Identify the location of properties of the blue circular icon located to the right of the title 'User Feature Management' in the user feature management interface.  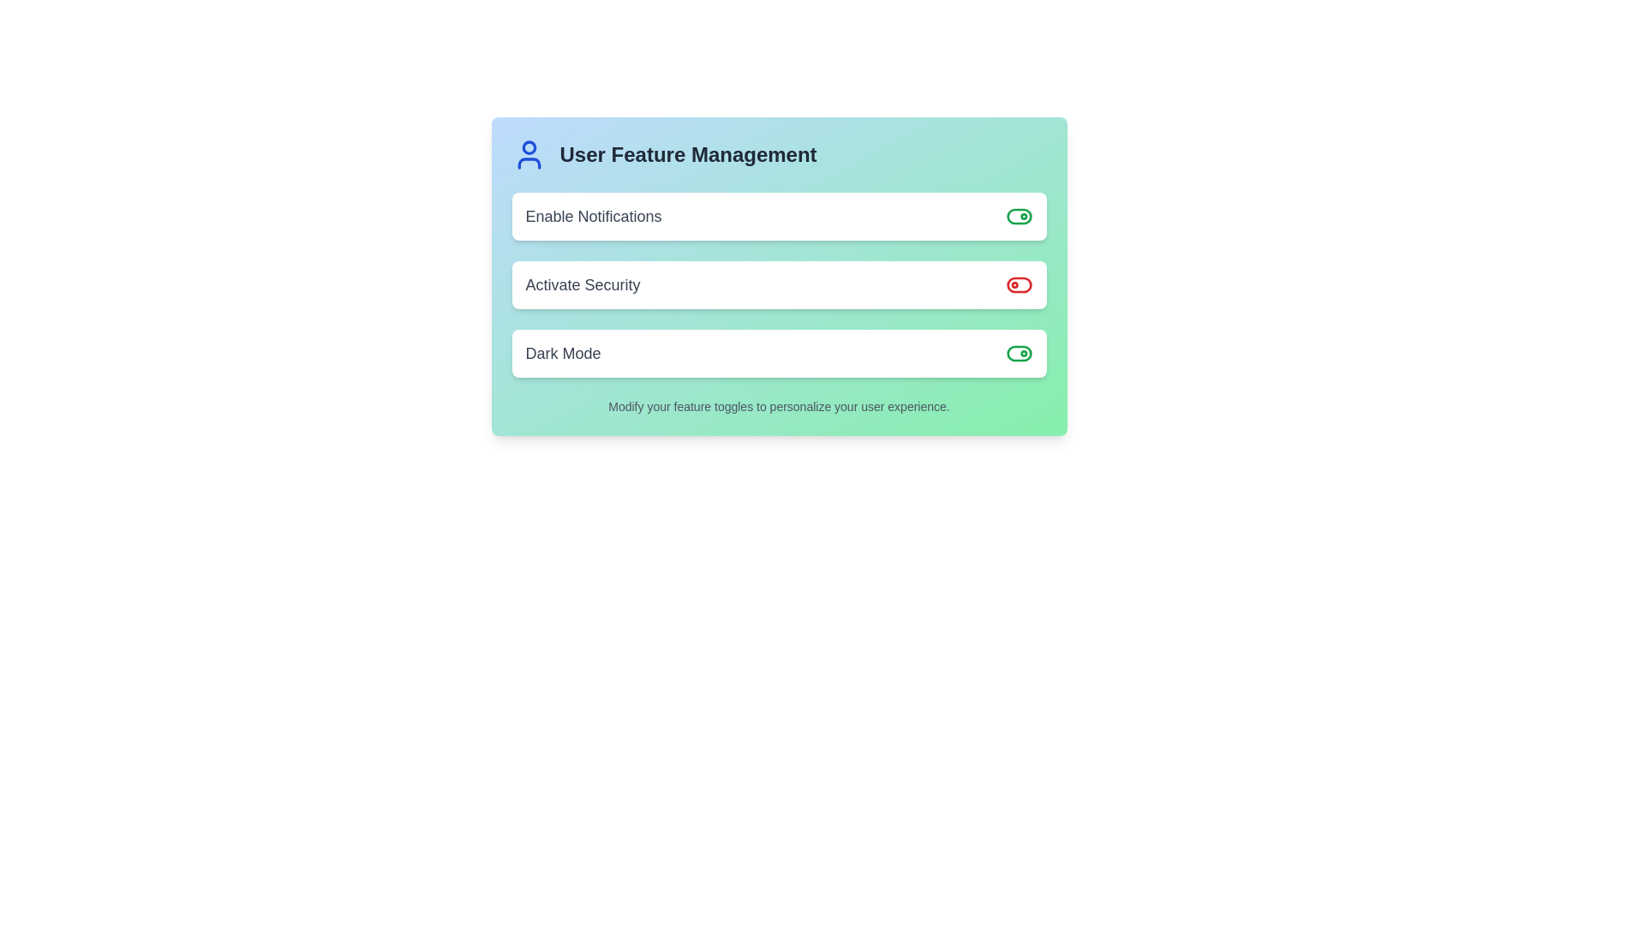
(528, 146).